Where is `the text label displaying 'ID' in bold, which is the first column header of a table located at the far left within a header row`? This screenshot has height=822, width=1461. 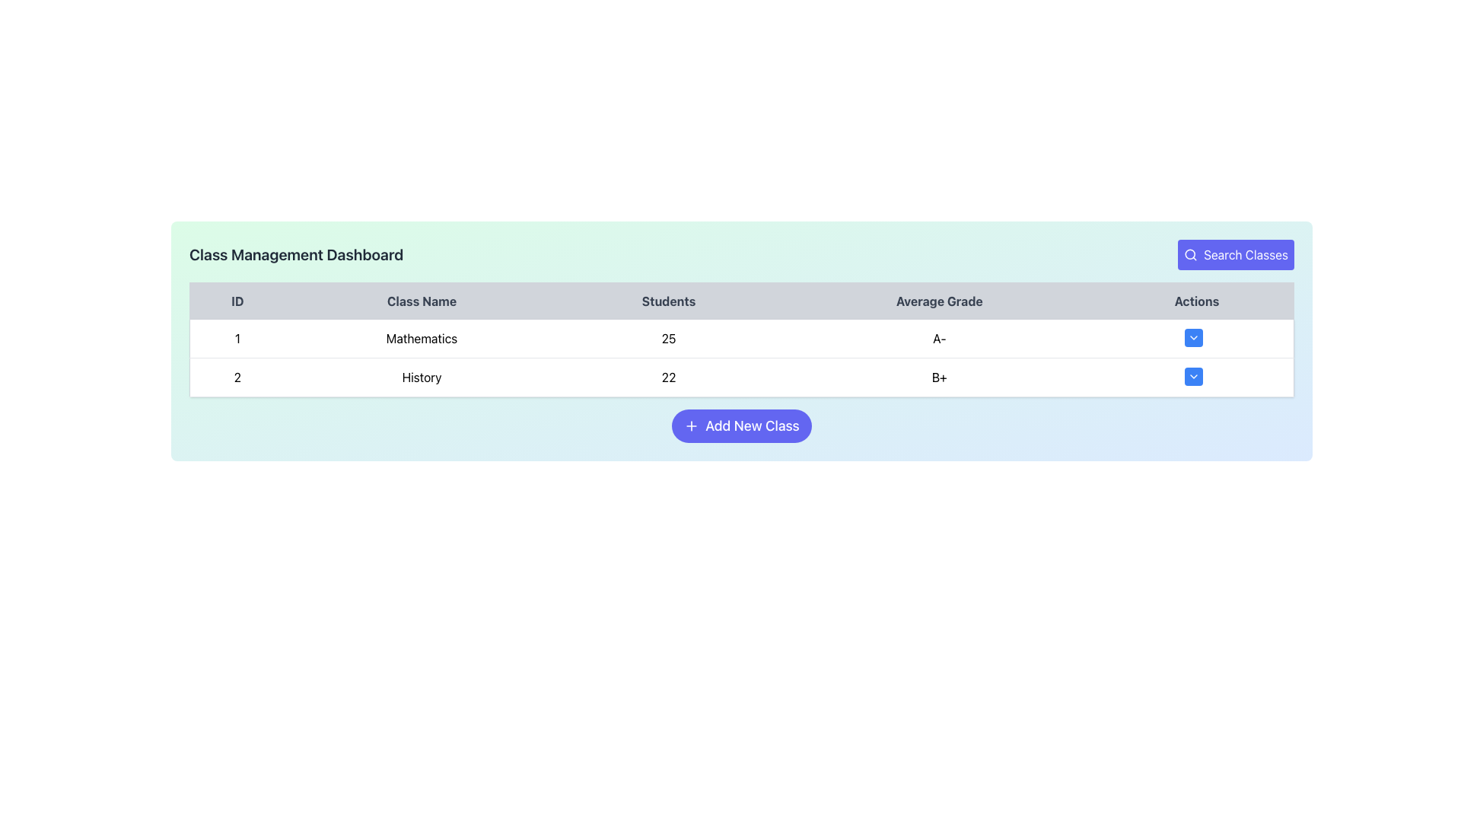
the text label displaying 'ID' in bold, which is the first column header of a table located at the far left within a header row is located at coordinates (237, 301).